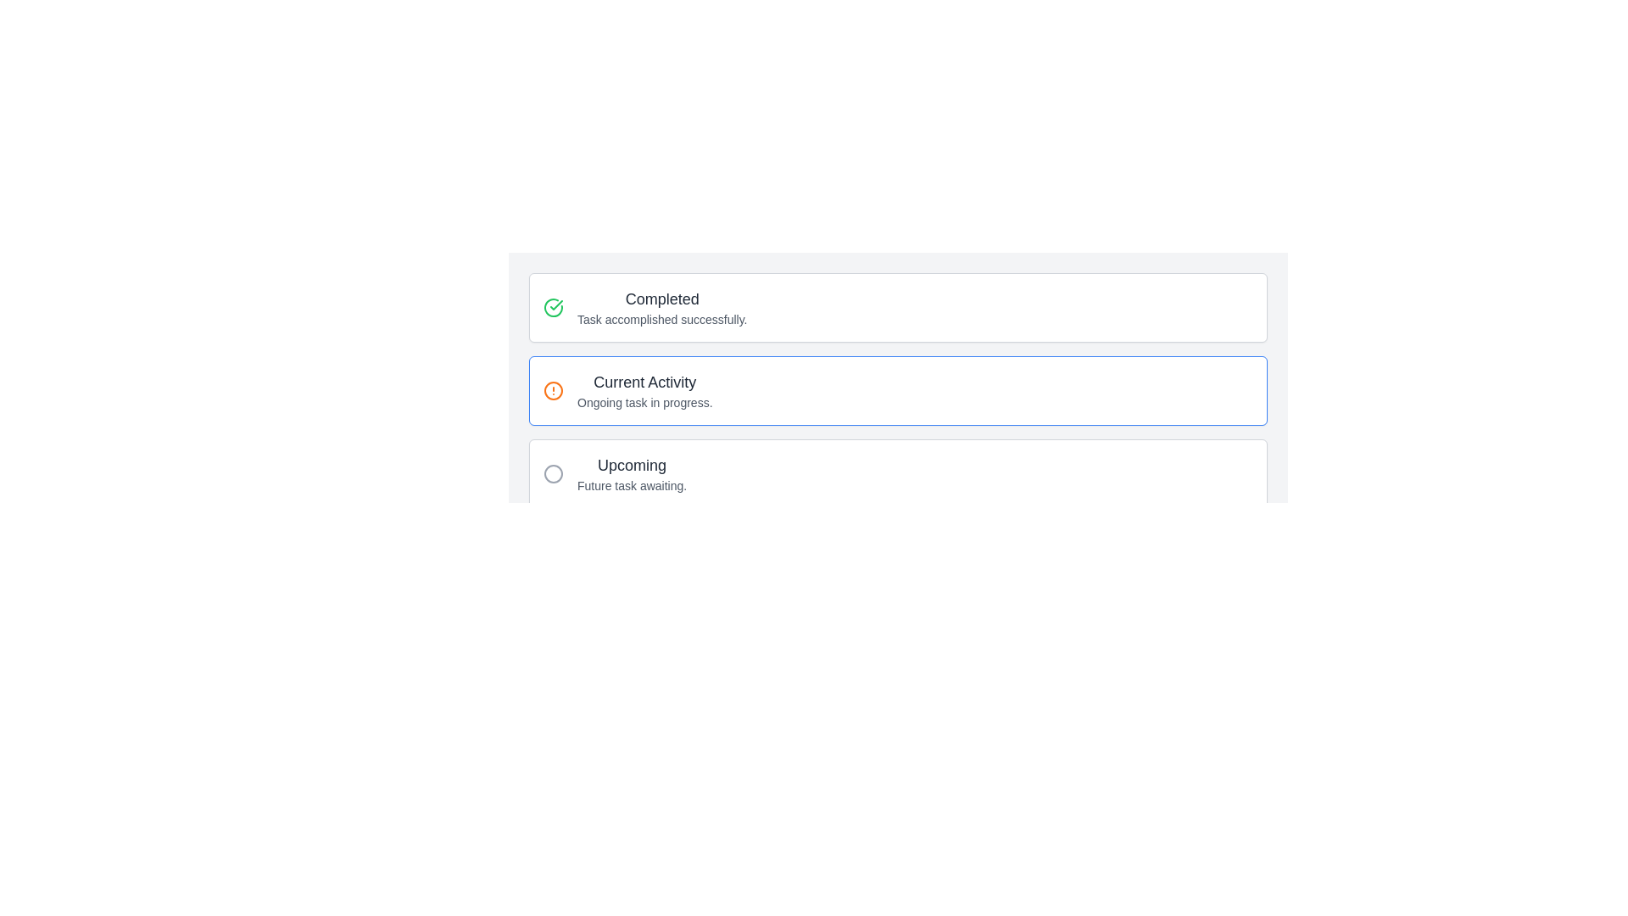 The width and height of the screenshot is (1628, 916). Describe the element at coordinates (553, 391) in the screenshot. I see `the circular border of the alert icon, which serves as a visual indicator for the 'Current Activity' label, located on the left side of the 'Current Activity' section` at that location.